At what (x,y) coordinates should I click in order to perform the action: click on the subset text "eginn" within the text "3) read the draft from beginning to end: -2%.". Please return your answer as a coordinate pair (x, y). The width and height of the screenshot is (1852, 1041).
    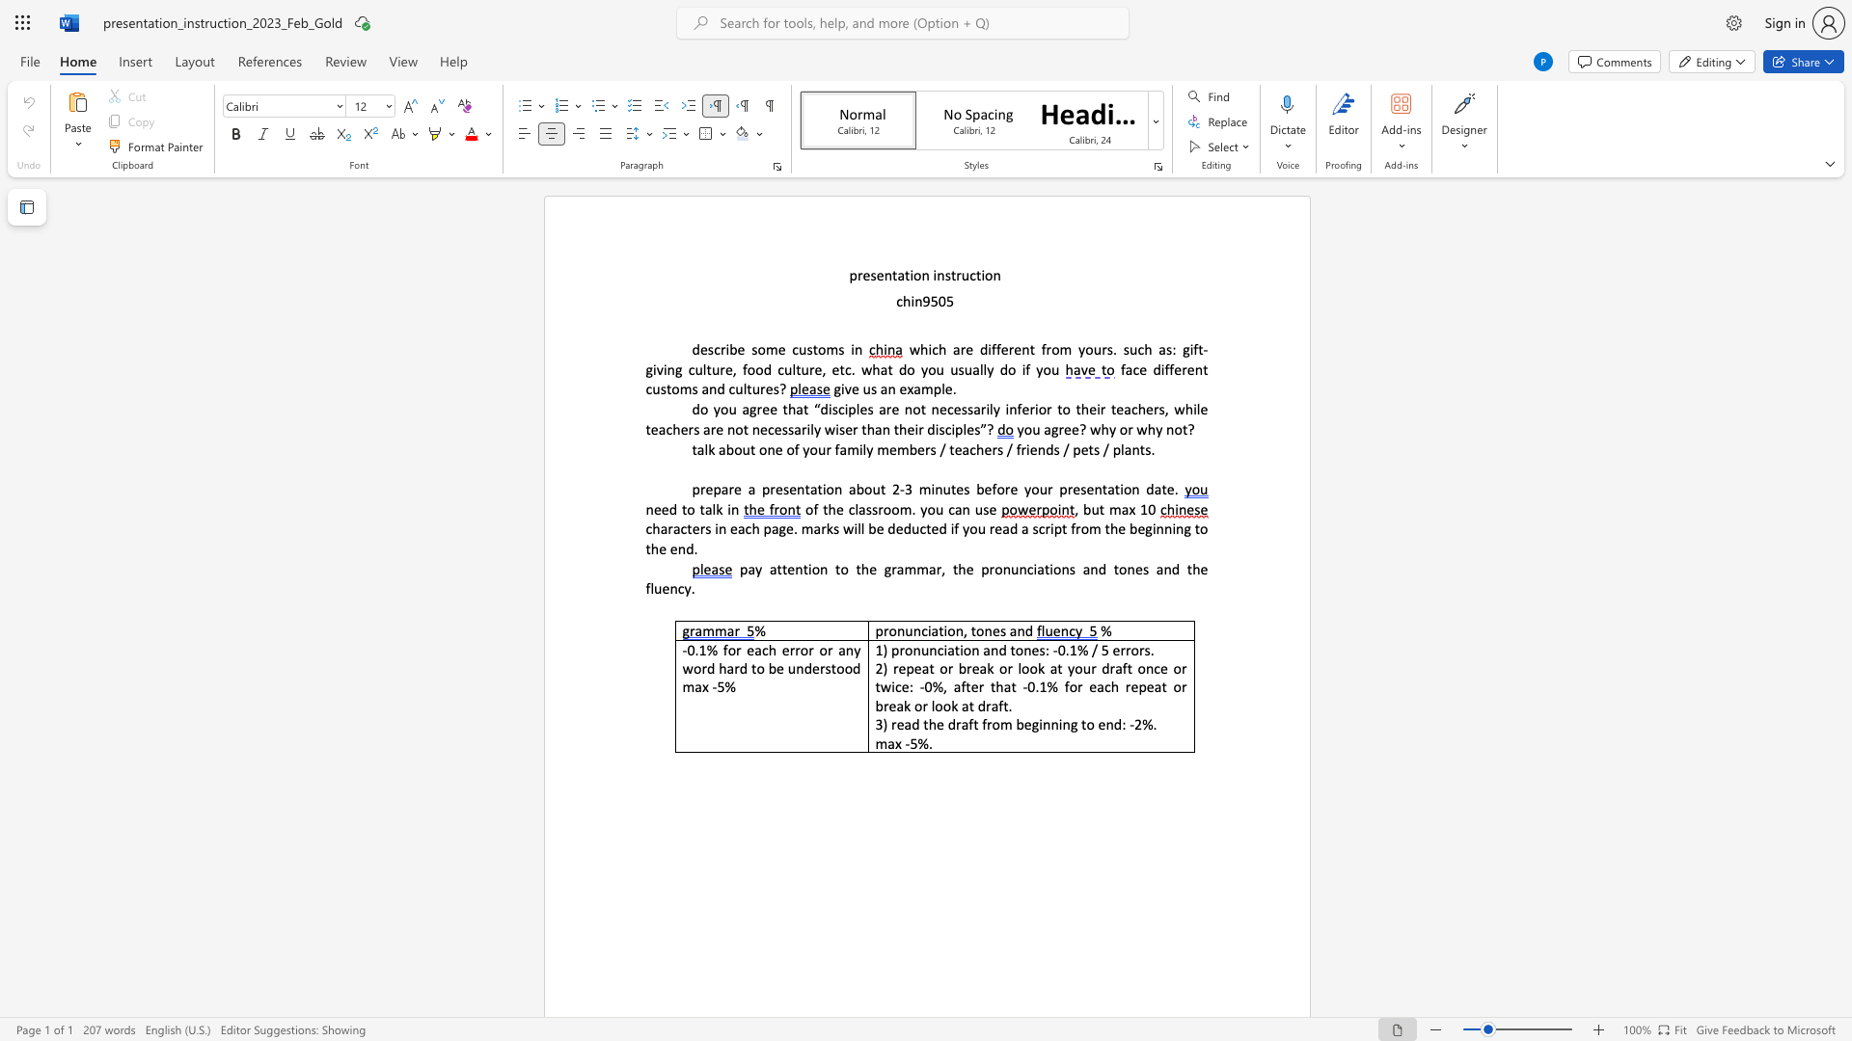
    Looking at the image, I should click on (1022, 724).